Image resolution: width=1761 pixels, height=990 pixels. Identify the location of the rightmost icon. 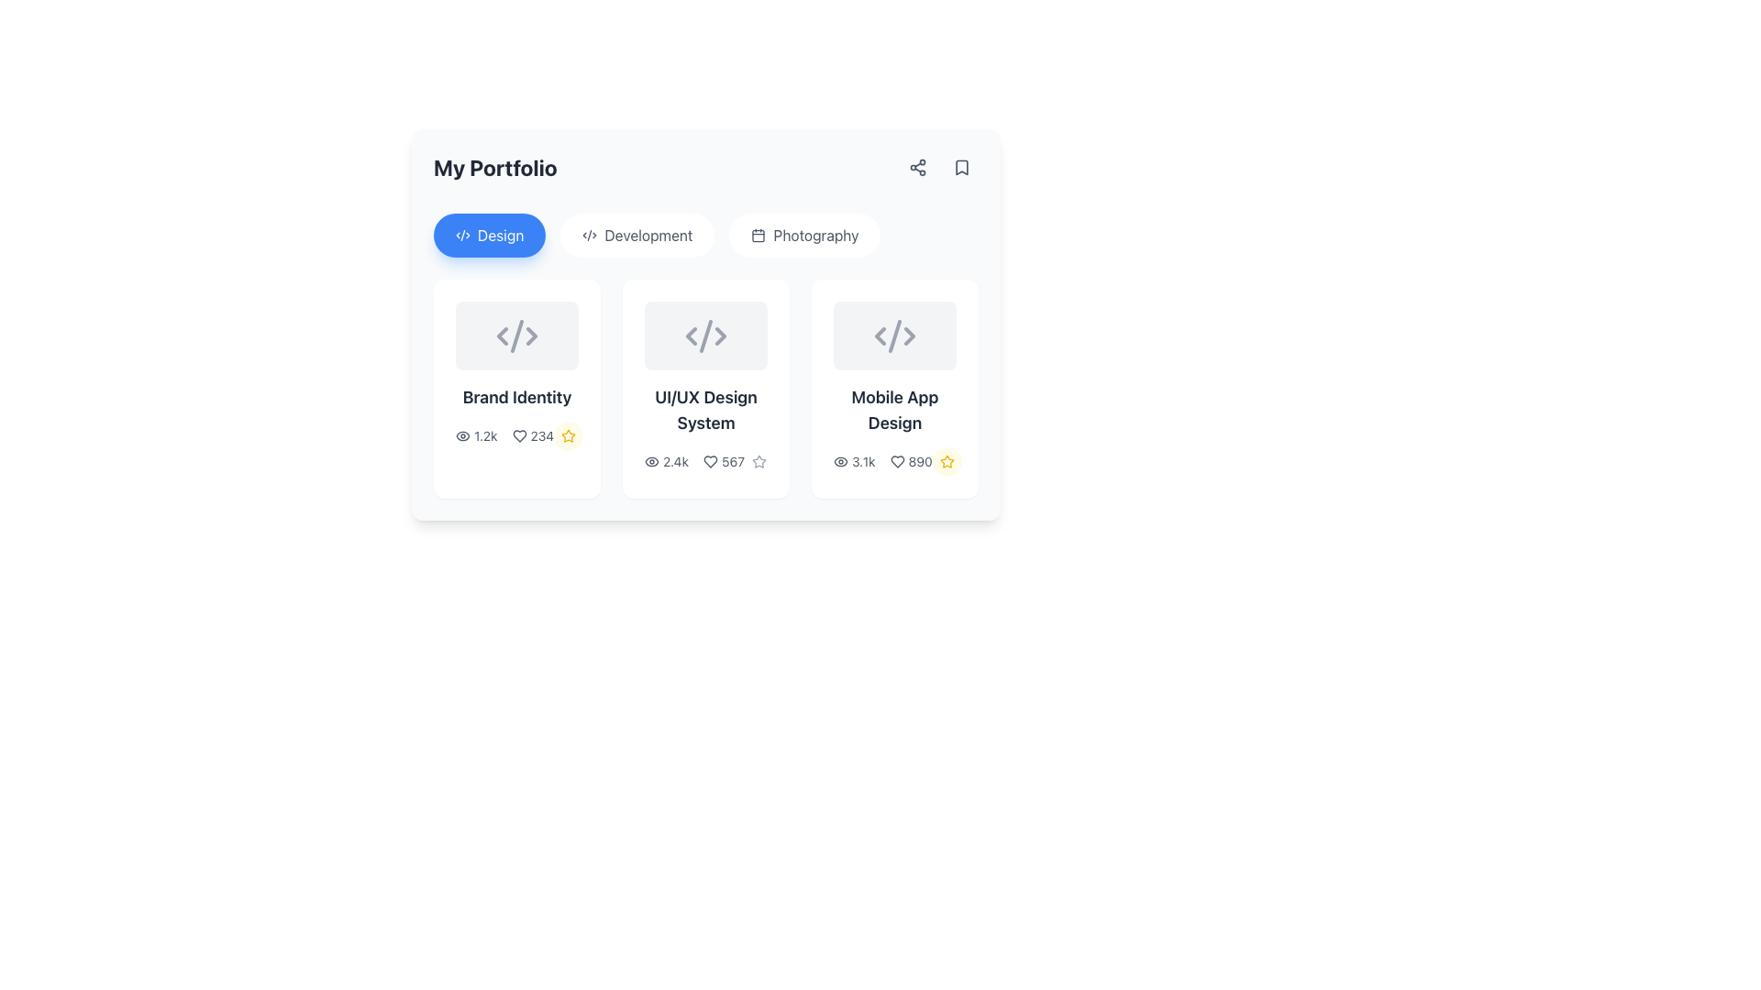
(531, 335).